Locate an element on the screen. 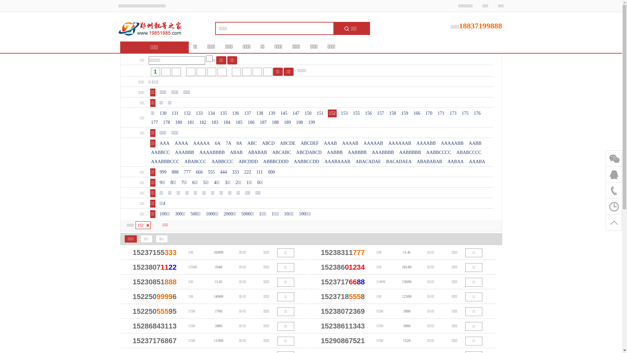 The width and height of the screenshot is (627, 353). '111' is located at coordinates (259, 172).